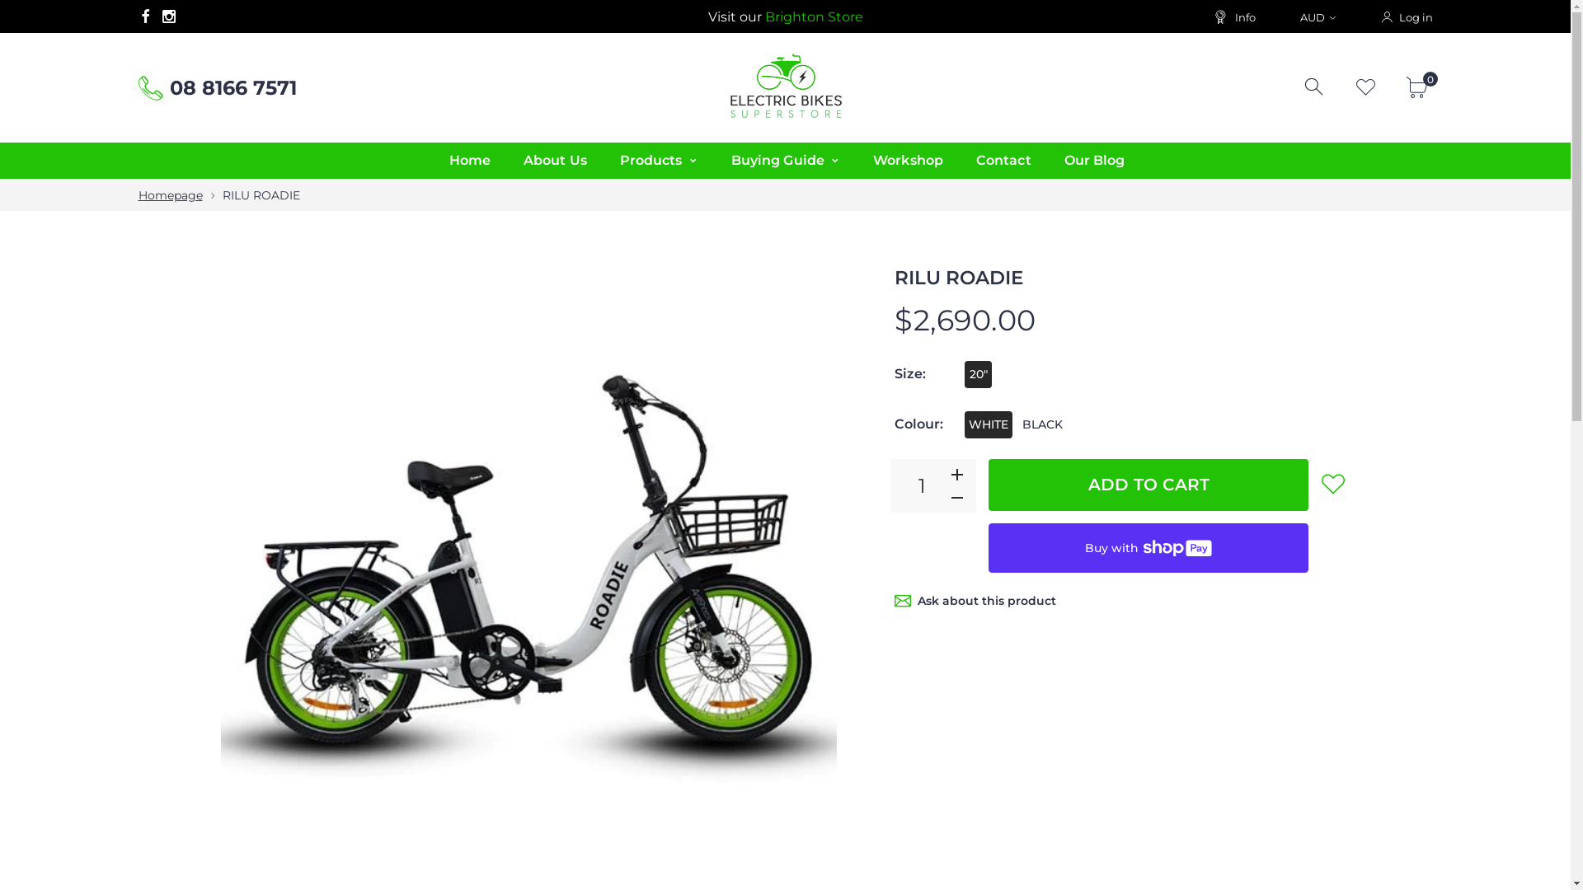 The image size is (1583, 890). I want to click on '08 8166 7571', so click(233, 87).